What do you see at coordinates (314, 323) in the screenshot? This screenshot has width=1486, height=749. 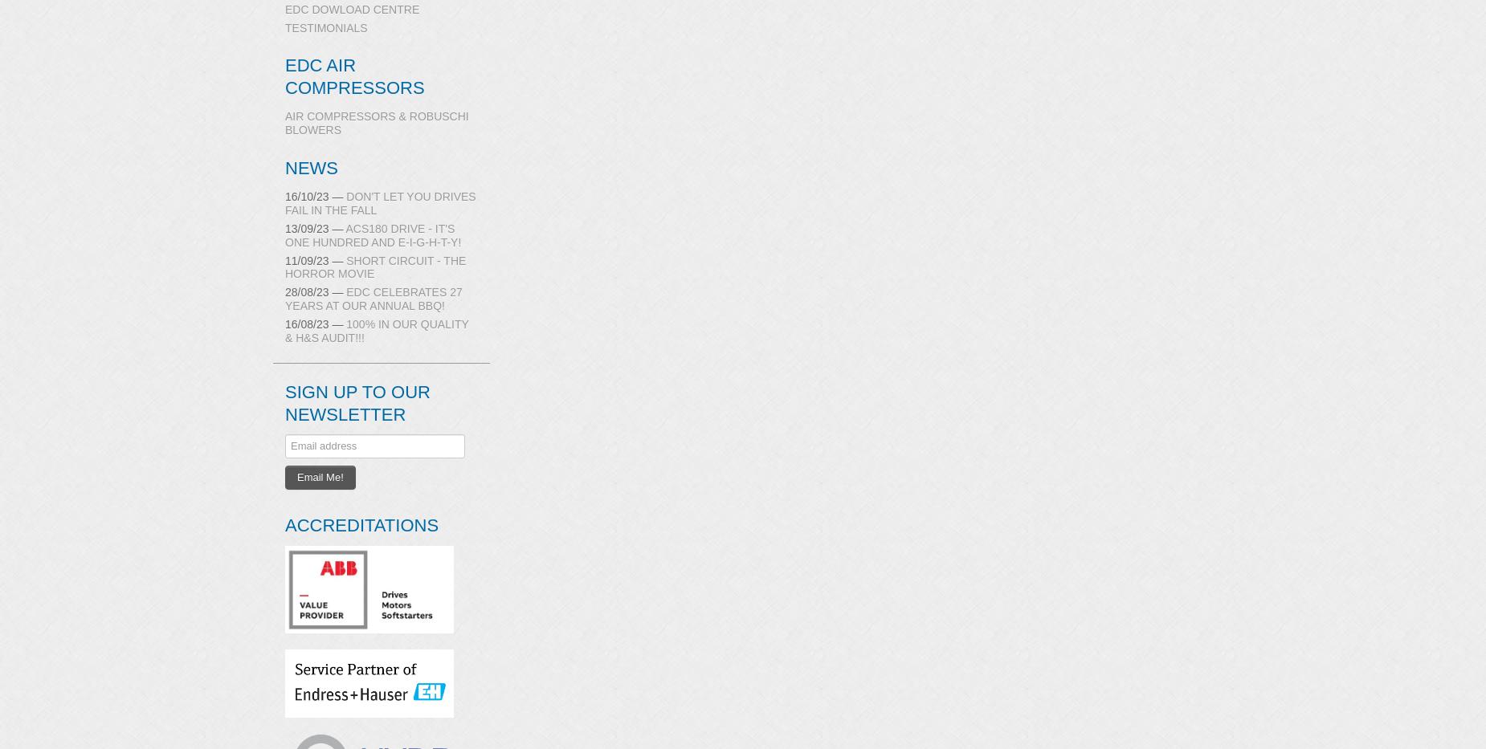 I see `'16/08/23 —'` at bounding box center [314, 323].